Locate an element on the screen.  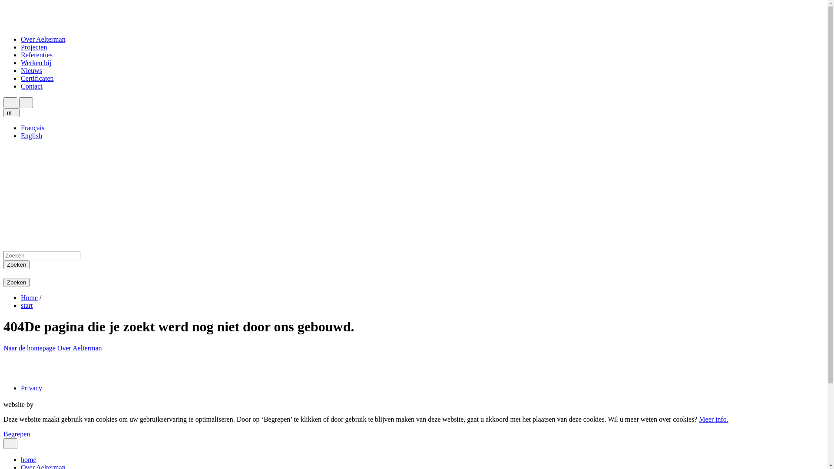
'Meer info.' is located at coordinates (713, 419).